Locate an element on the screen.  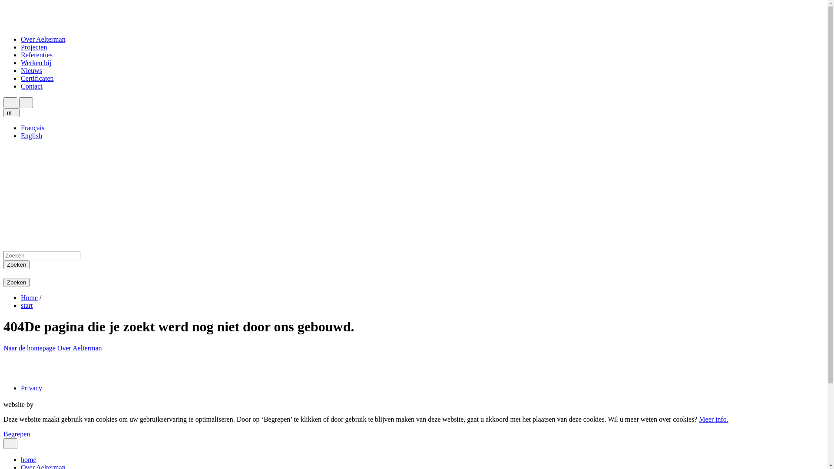
'Meer info.' is located at coordinates (713, 419).